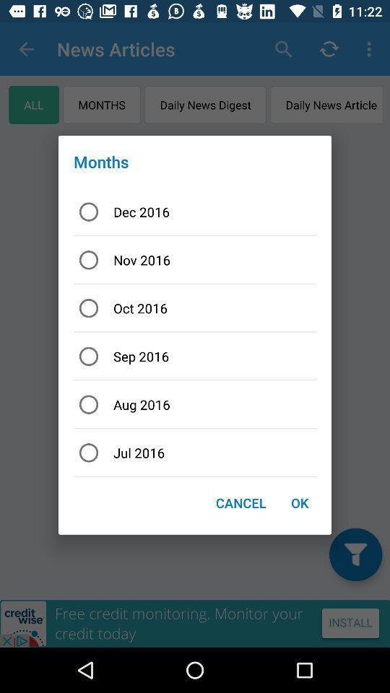 The image size is (390, 693). What do you see at coordinates (195, 211) in the screenshot?
I see `dec 2016 icon` at bounding box center [195, 211].